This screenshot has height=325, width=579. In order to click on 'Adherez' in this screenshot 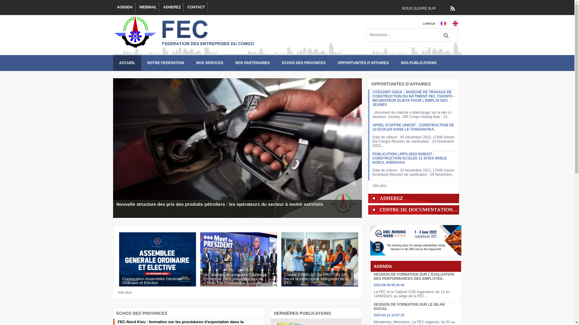, I will do `click(413, 198)`.